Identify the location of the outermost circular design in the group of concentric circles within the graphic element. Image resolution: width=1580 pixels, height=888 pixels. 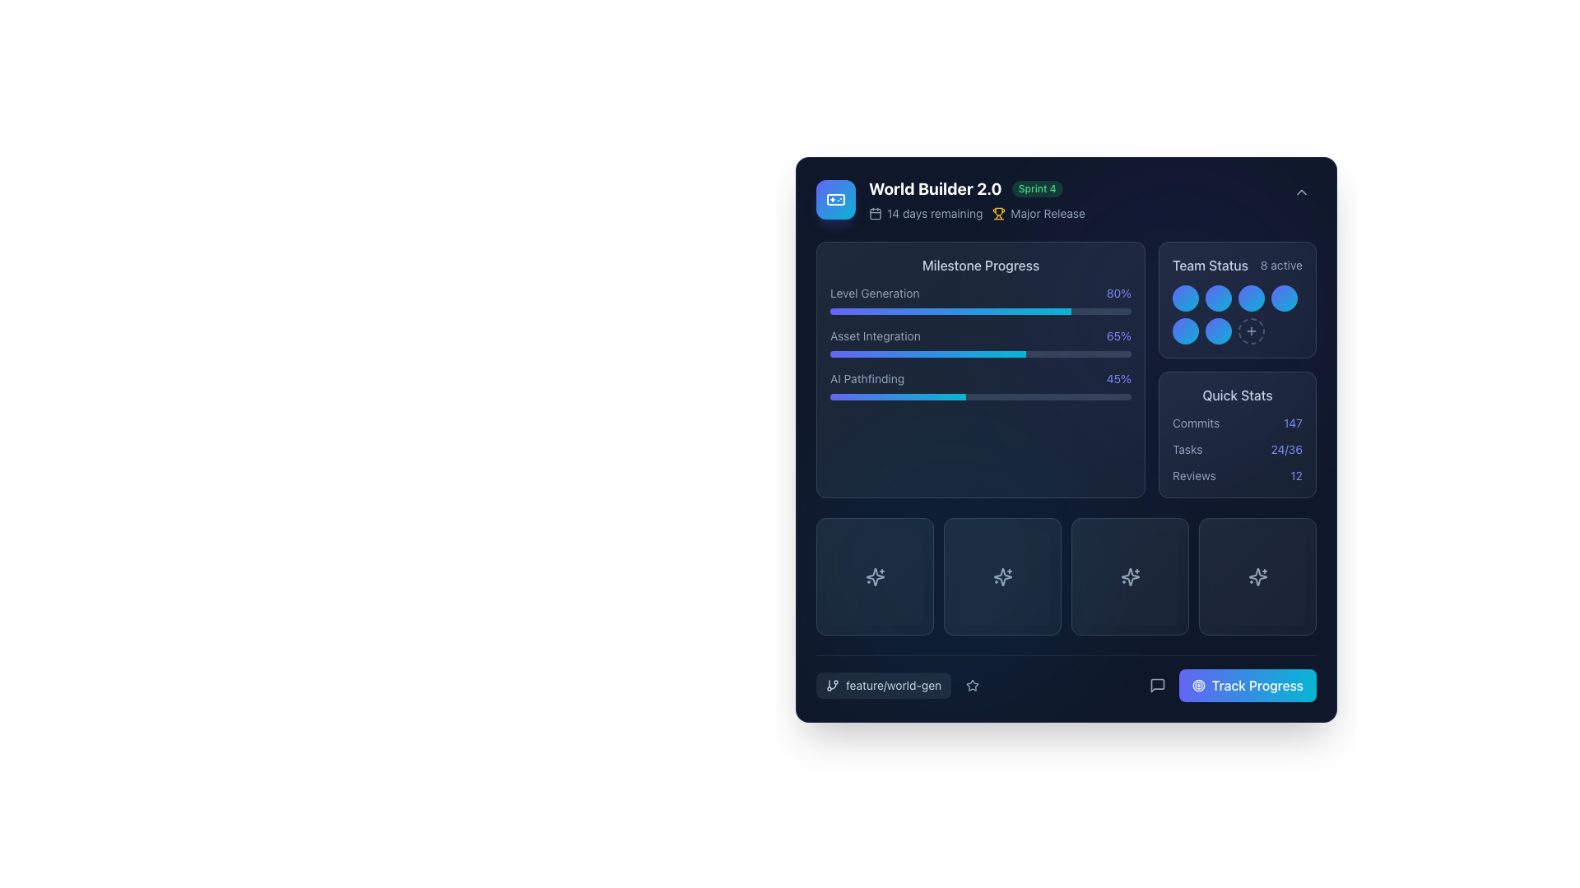
(1198, 685).